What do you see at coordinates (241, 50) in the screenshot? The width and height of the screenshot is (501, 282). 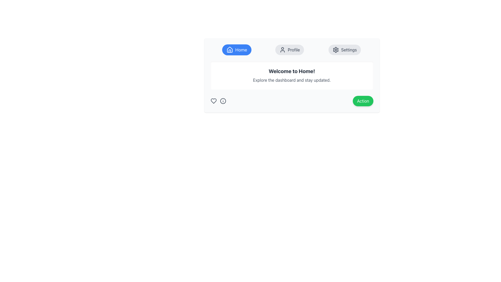 I see `the Text Label in the main navigation bar that indicates a link to the home page or dashboard` at bounding box center [241, 50].